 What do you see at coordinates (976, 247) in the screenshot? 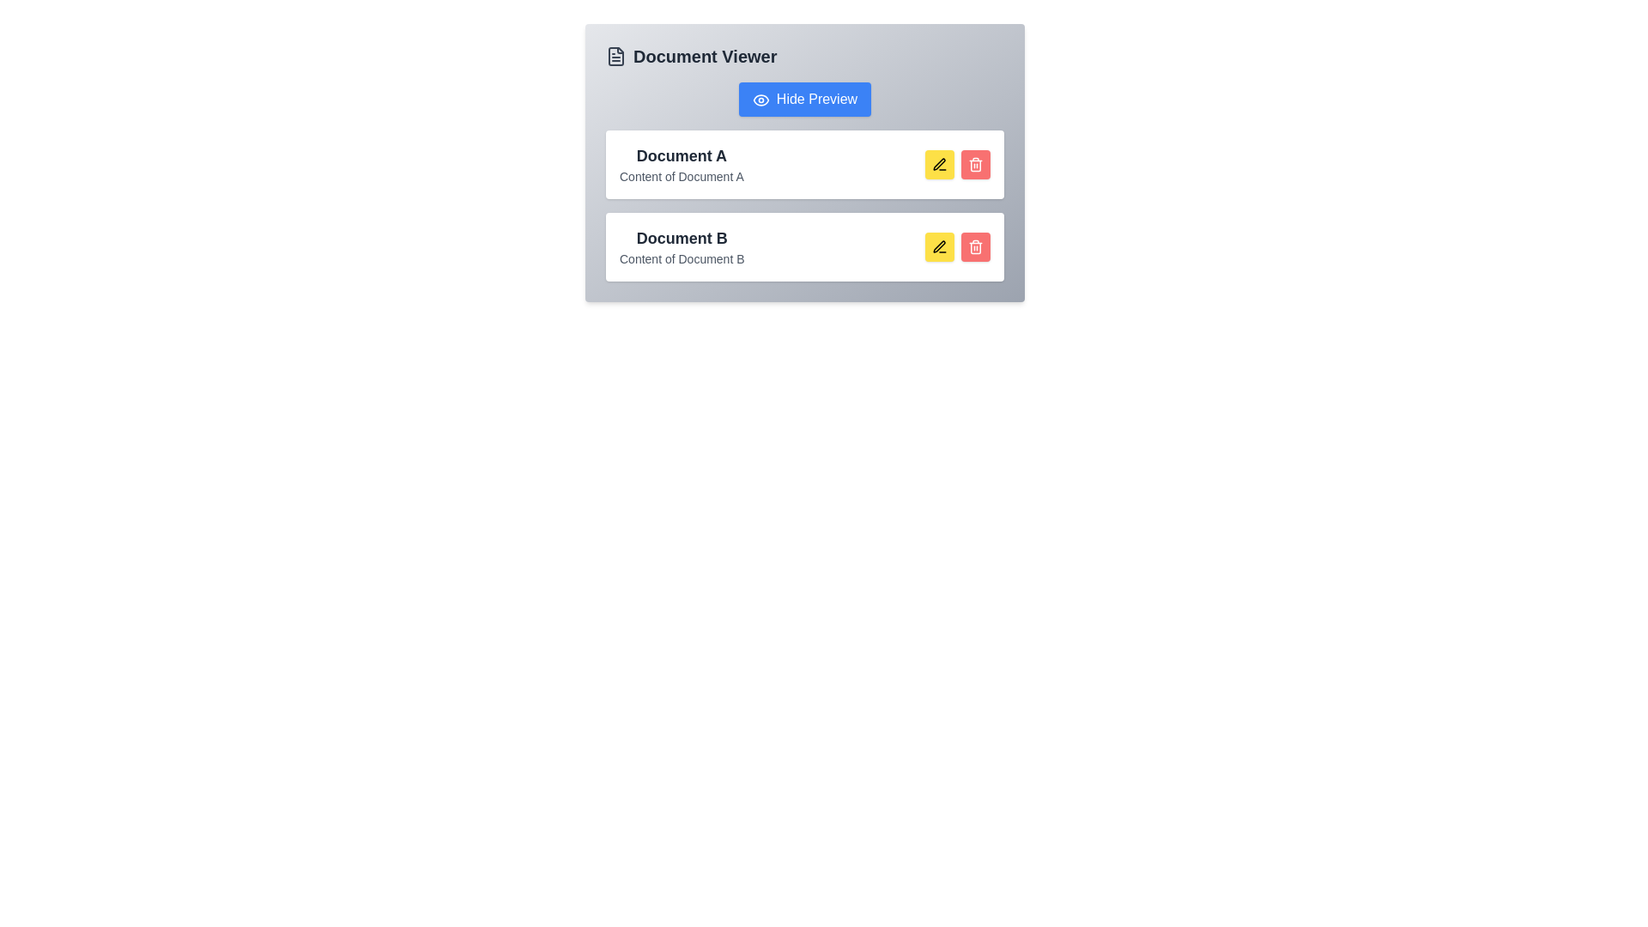
I see `the delete icon located to the far-right of the 'Document B' text, adjacent to the yellow pencil icon and within the red-colored interactive delete button` at bounding box center [976, 247].